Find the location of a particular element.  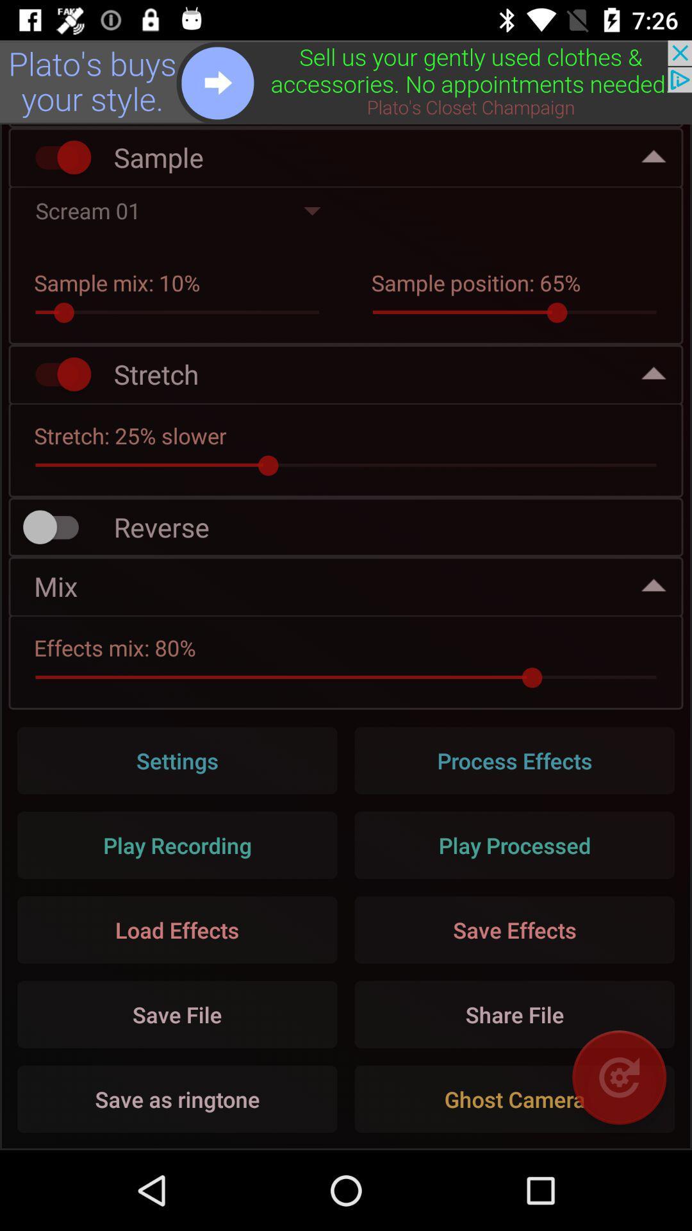

refresh page is located at coordinates (618, 1077).